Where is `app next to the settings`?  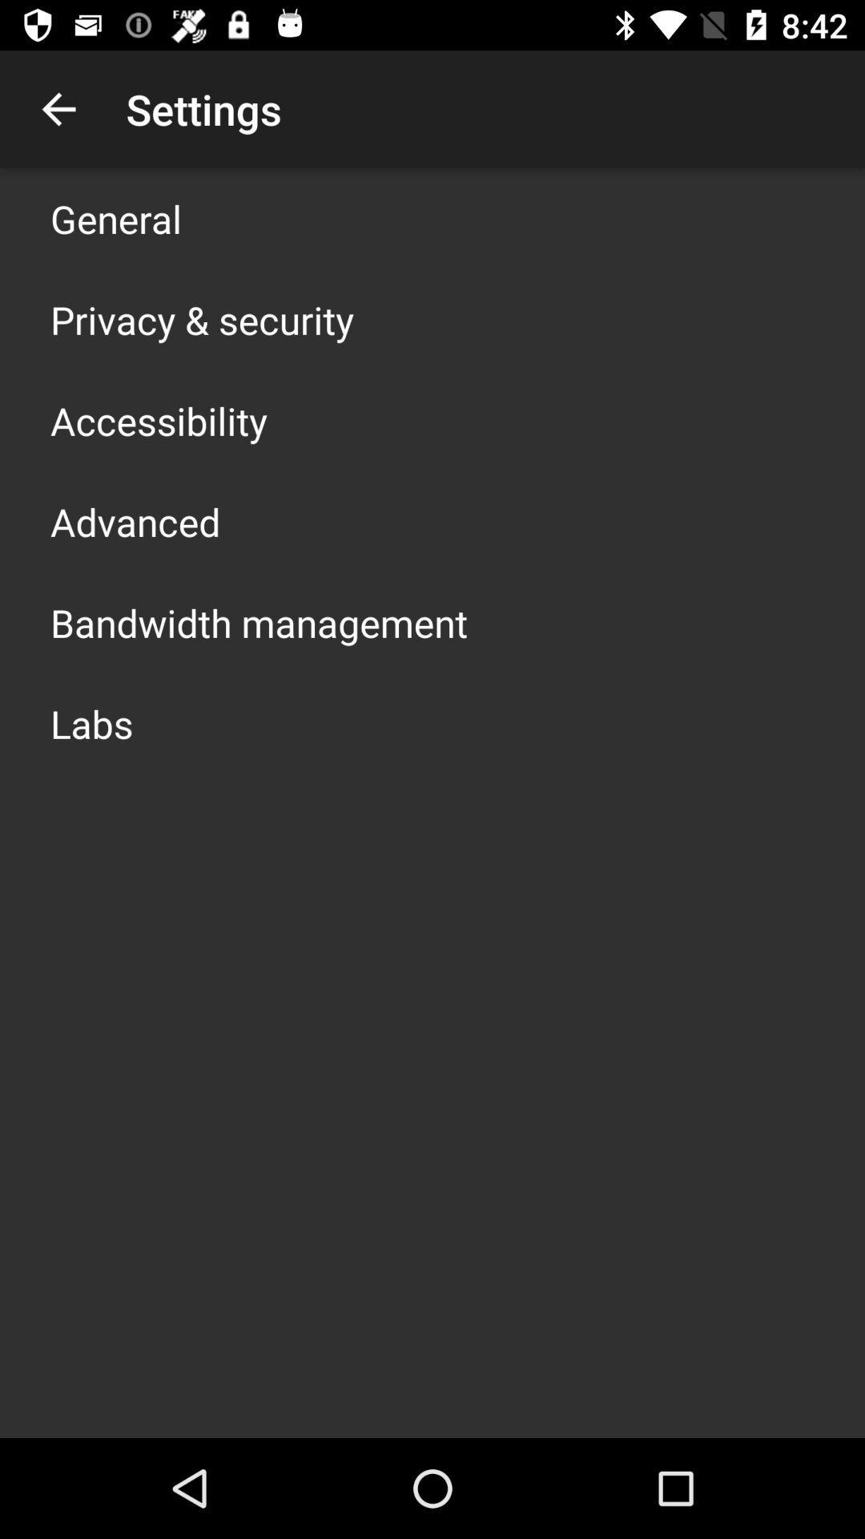
app next to the settings is located at coordinates (58, 108).